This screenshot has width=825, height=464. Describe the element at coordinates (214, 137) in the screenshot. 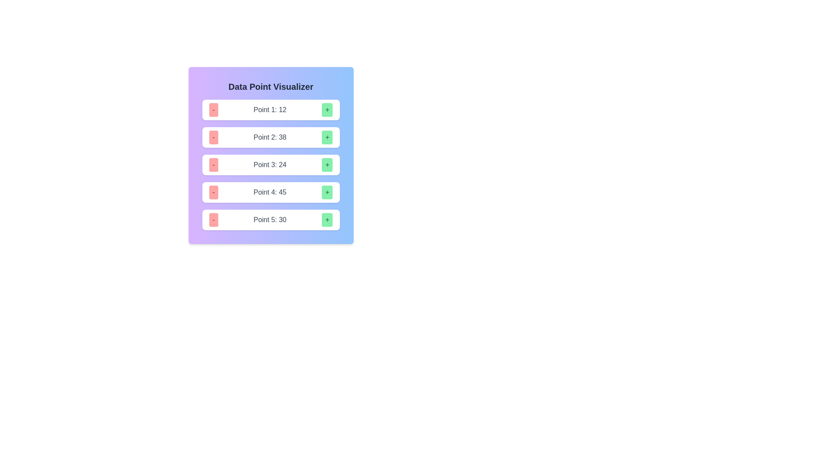

I see `the small red button with a '-' symbol located to the left of the 'Point 2: 38' label to observe a color change effect` at that location.